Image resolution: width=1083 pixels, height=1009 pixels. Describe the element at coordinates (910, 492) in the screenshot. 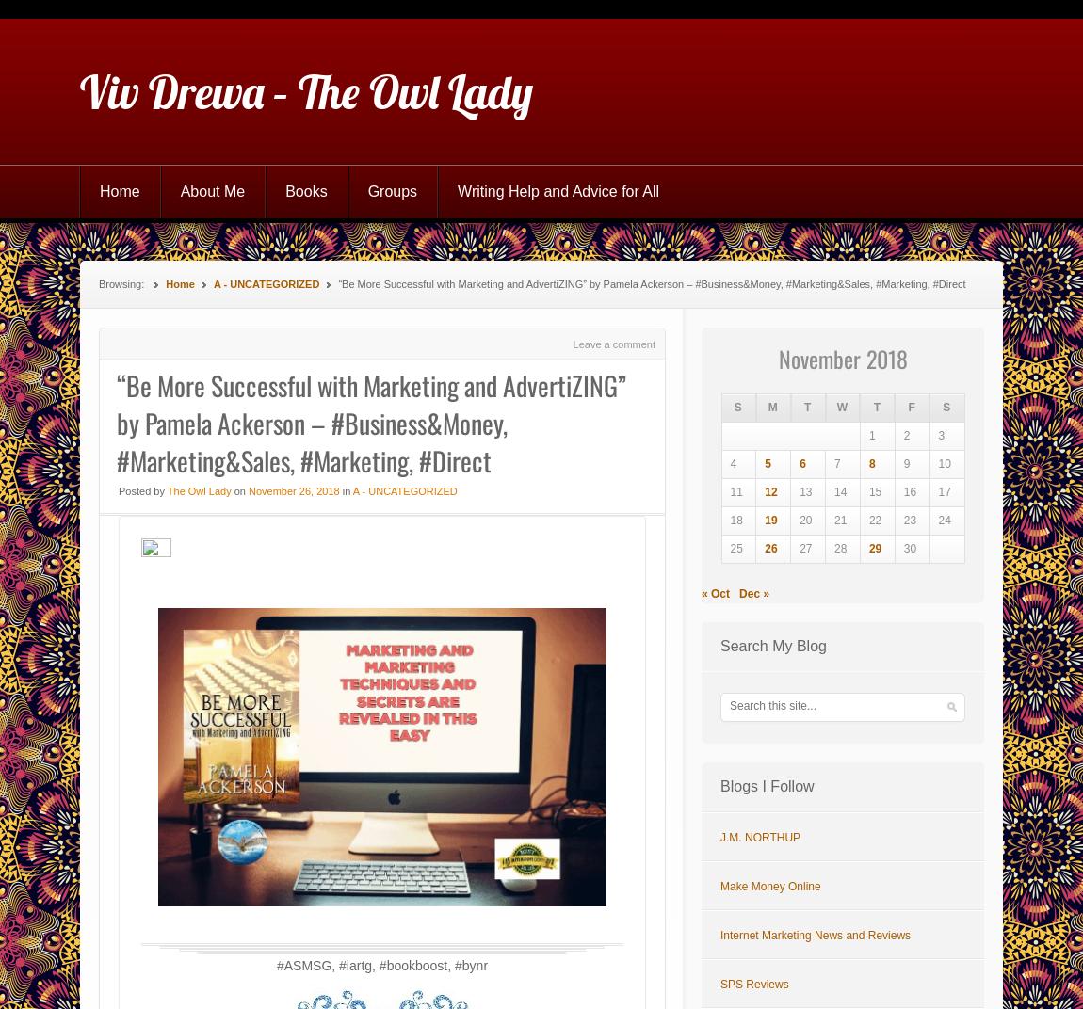

I see `'16'` at that location.